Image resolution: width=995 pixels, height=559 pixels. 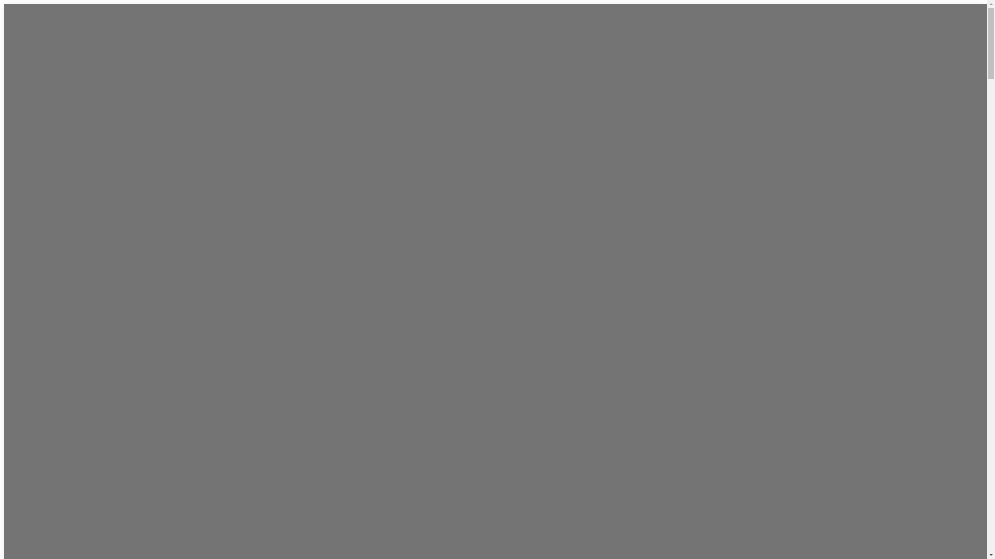 What do you see at coordinates (455, 335) in the screenshot?
I see `'Suzy Whitty'` at bounding box center [455, 335].